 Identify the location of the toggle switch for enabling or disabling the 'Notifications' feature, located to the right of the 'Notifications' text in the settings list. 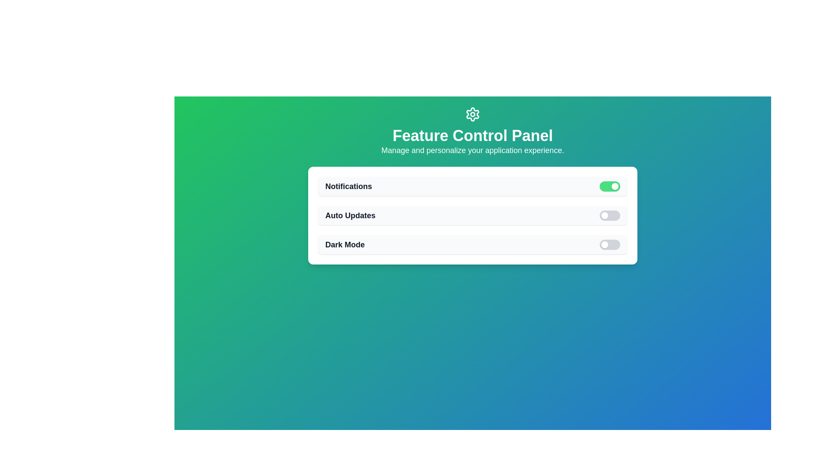
(609, 186).